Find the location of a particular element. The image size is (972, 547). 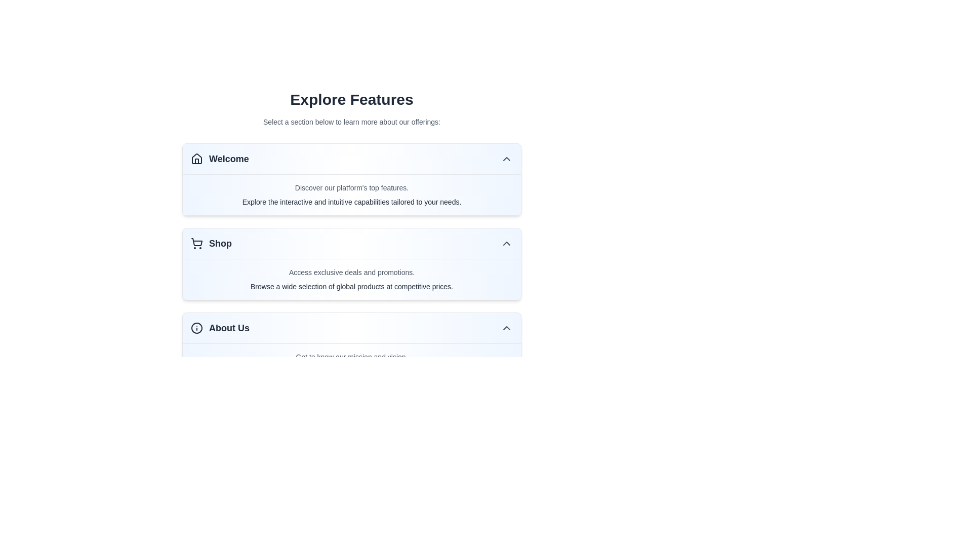

text element that displays 'Explore the interactive and intuitive capabilities tailored to your needs.' located in the 'Welcome' section, positioned below the first text snippet is located at coordinates (352, 202).